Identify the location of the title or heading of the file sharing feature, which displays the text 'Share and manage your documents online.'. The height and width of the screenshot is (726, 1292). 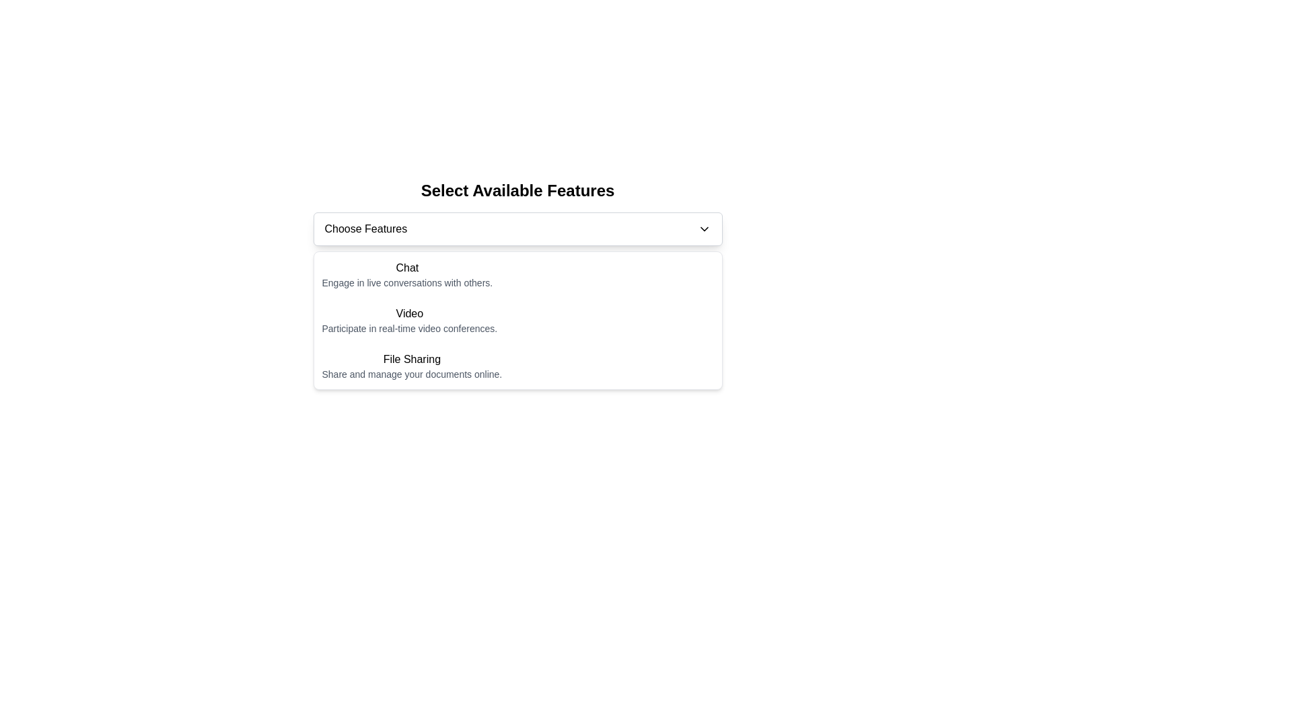
(411, 359).